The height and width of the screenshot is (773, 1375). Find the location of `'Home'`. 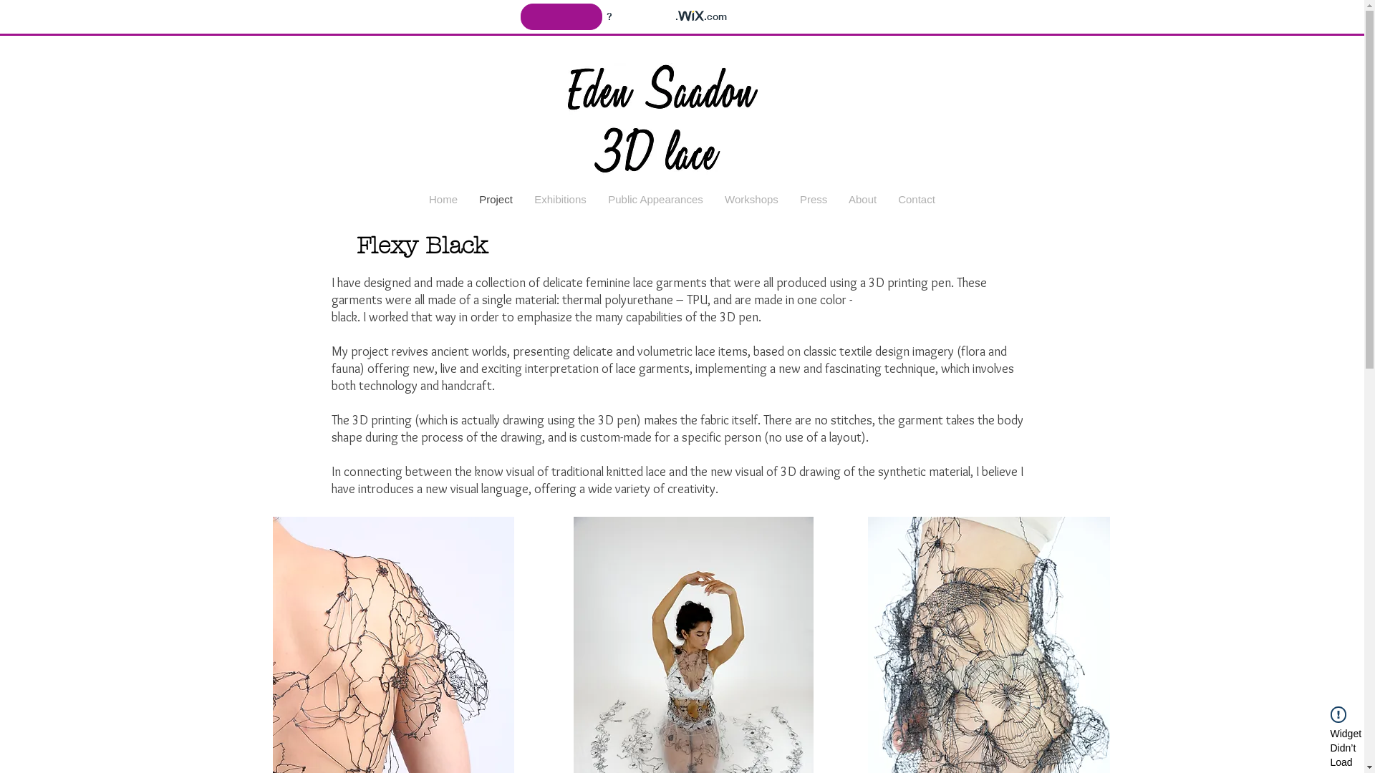

'Home' is located at coordinates (443, 199).